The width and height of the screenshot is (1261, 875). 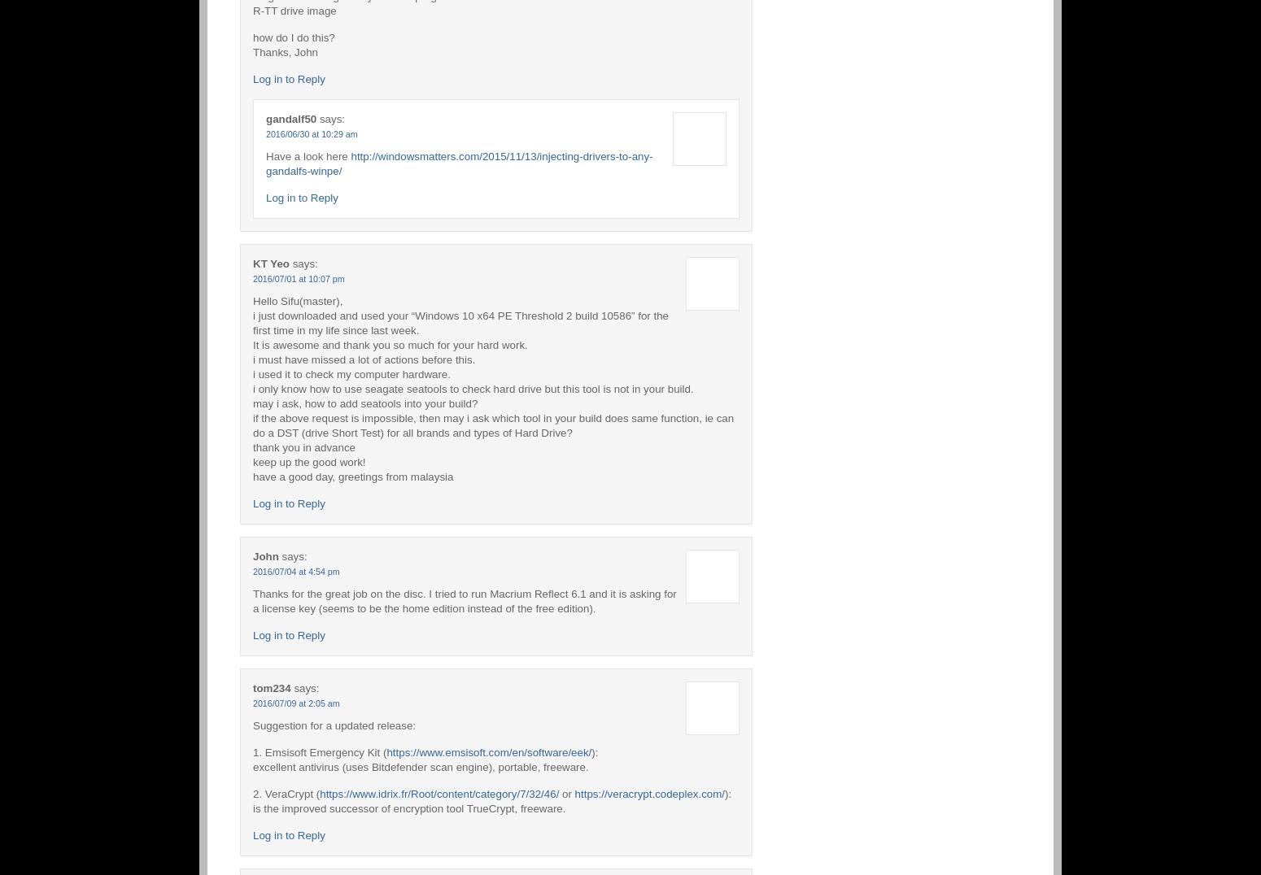 What do you see at coordinates (286, 793) in the screenshot?
I see `'2. VeraCrypt ('` at bounding box center [286, 793].